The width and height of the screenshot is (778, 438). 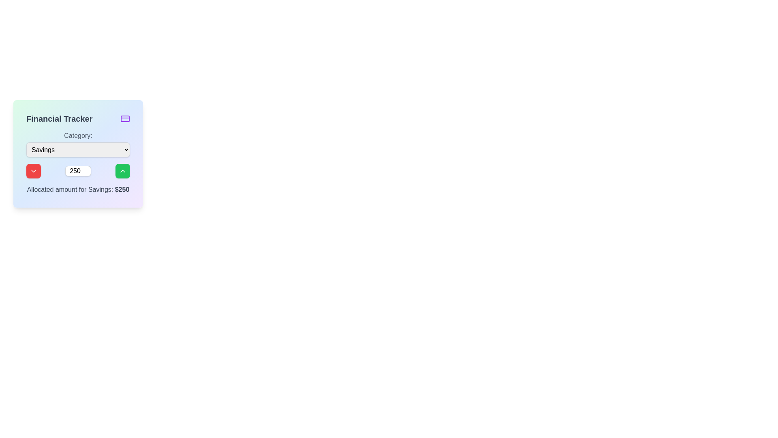 What do you see at coordinates (122, 189) in the screenshot?
I see `displayed value for the allocated financial amount set for Savings, which is located at the bottom-right of the Financial Tracker widget, embedded within the sentence 'Allocated amount for Savings: $250'` at bounding box center [122, 189].